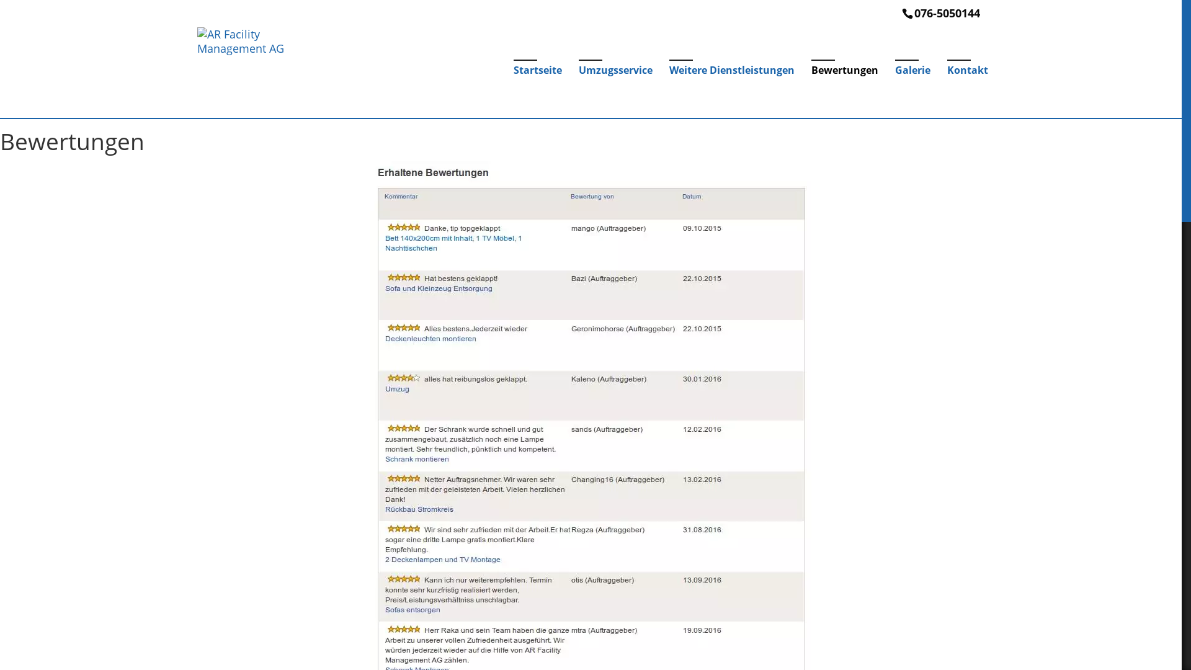  What do you see at coordinates (966, 91) in the screenshot?
I see `'Kontakt'` at bounding box center [966, 91].